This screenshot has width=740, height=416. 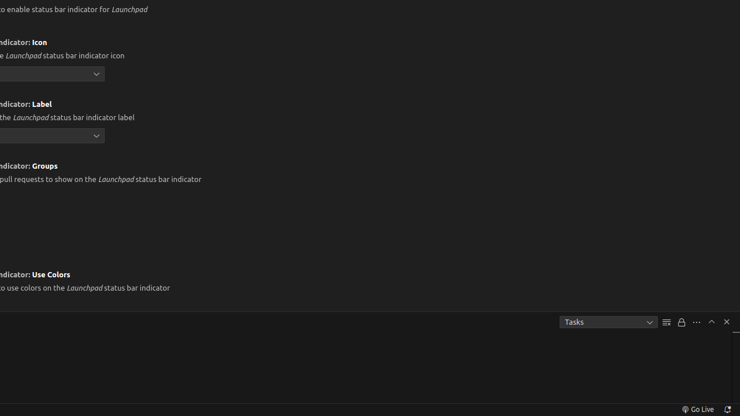 I want to click on 'Hide Panel', so click(x=726, y=321).